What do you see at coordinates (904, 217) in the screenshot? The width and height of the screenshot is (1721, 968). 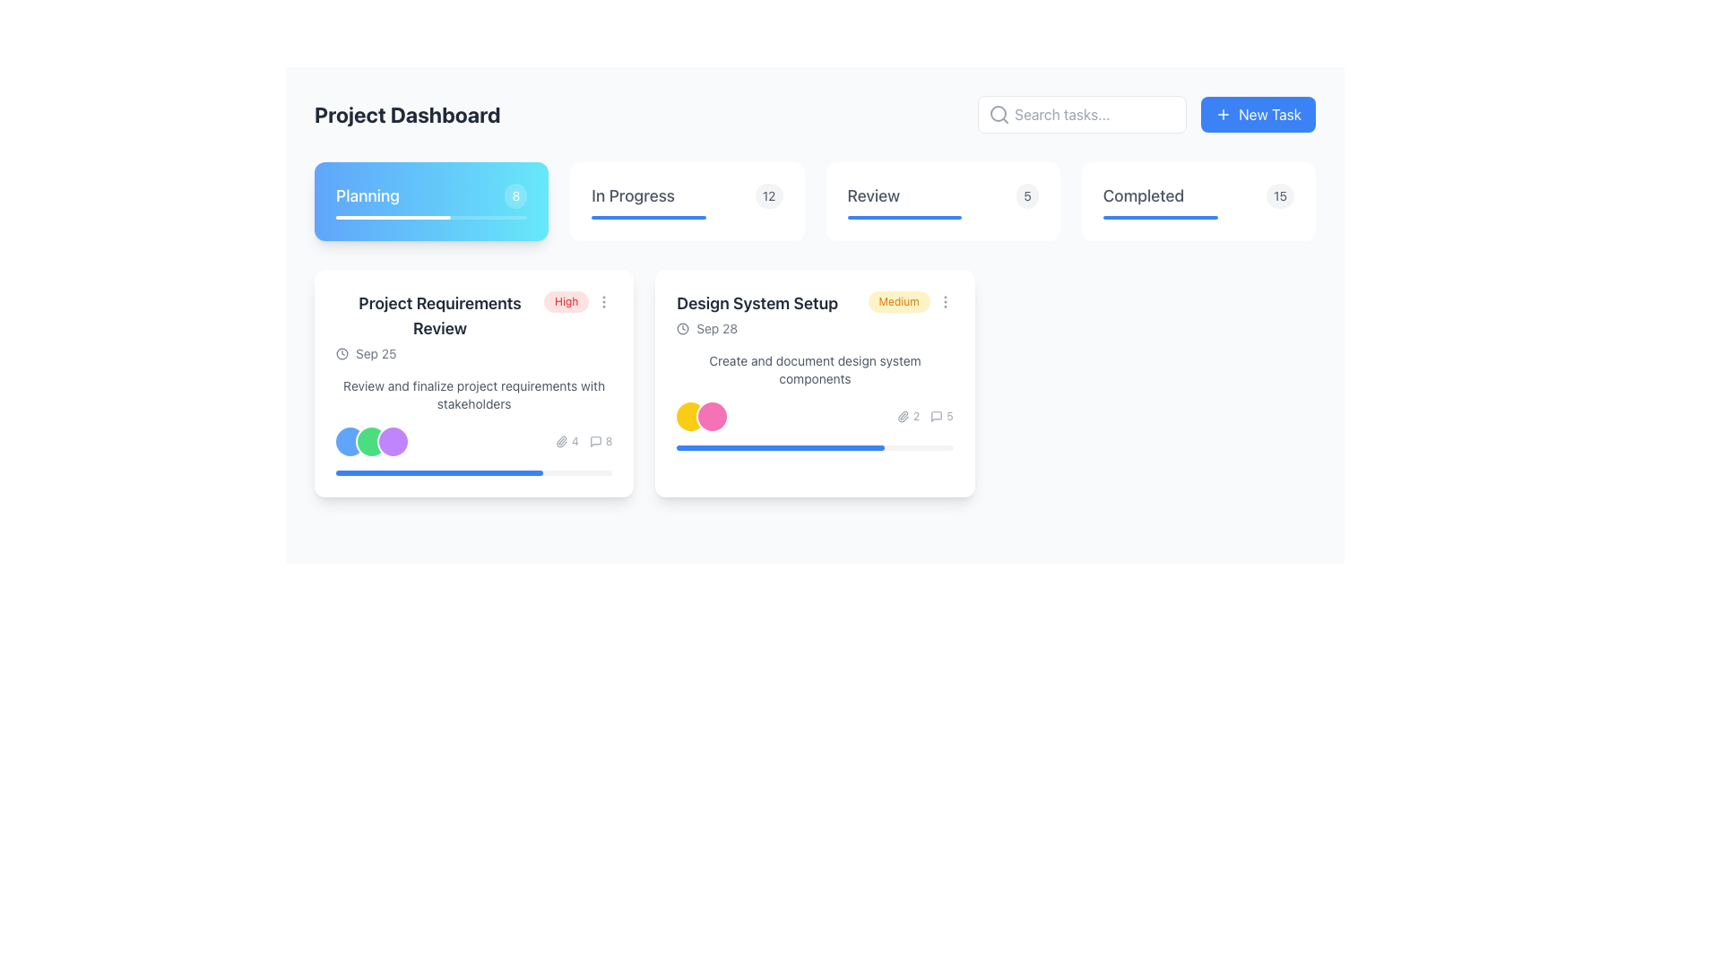 I see `the progress visually on the Progress indicator located in the 'Review' segment of the task management interface` at bounding box center [904, 217].